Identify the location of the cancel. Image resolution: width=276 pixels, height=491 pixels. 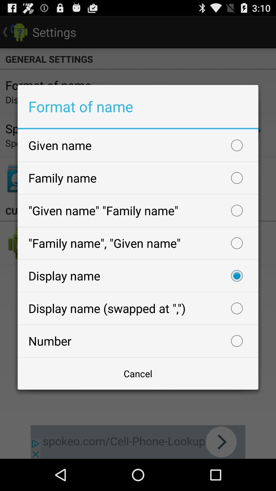
(138, 373).